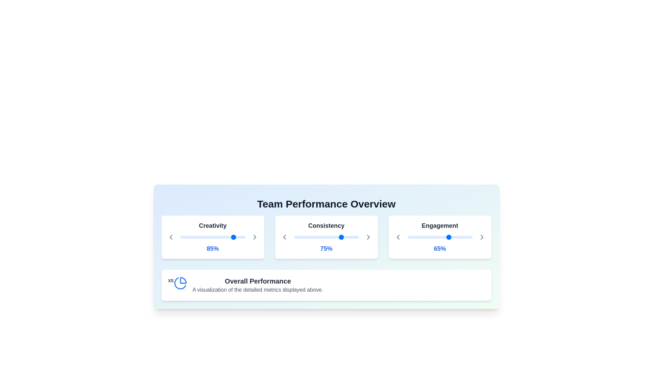 This screenshot has width=649, height=365. I want to click on the slider value, so click(317, 237).